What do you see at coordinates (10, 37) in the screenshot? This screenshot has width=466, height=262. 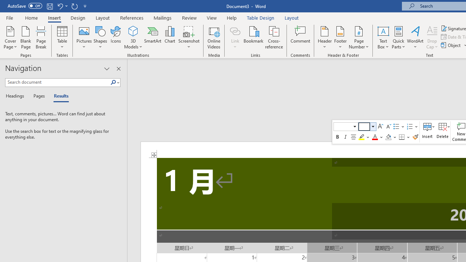 I see `'Cover Page'` at bounding box center [10, 37].